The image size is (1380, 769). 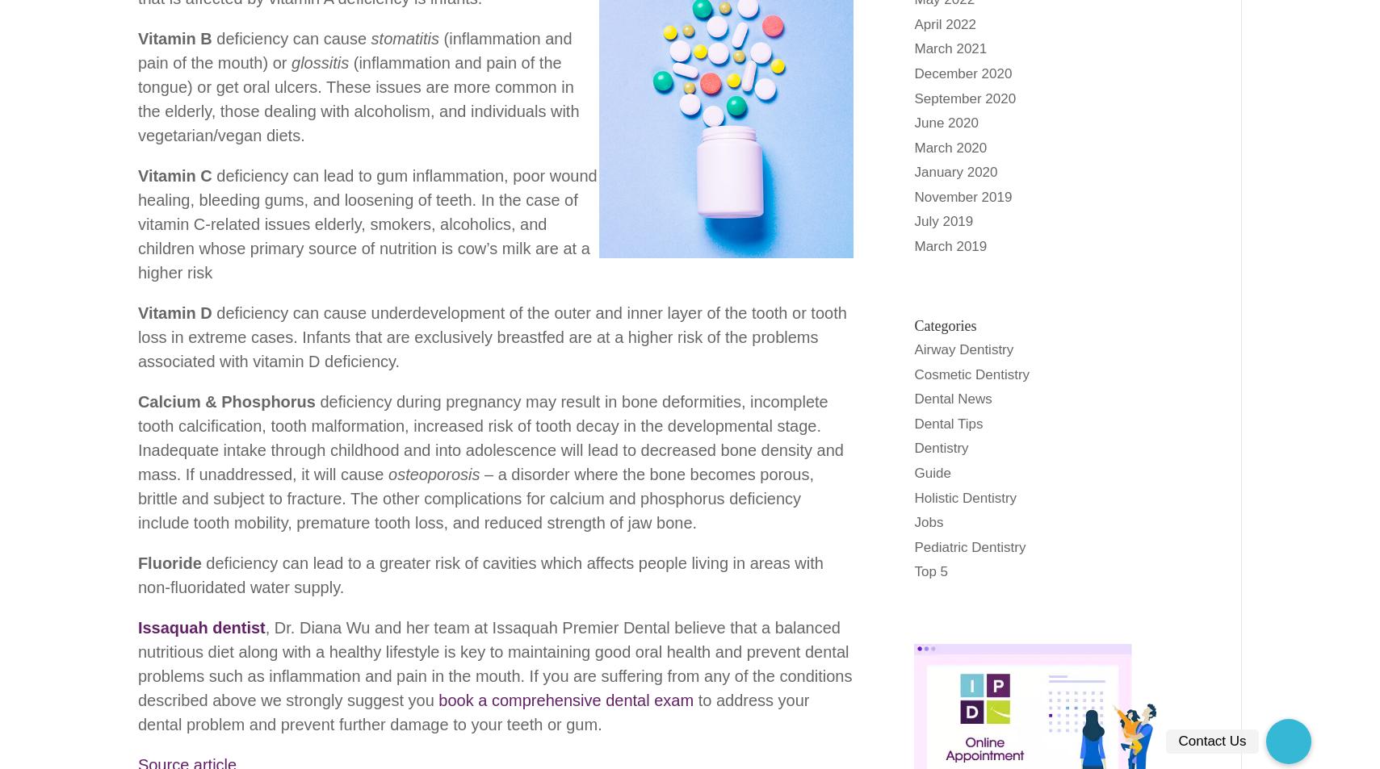 What do you see at coordinates (357, 97) in the screenshot?
I see `'(inflammation and pain of the tongue) or get oral ulcers. These issues are more common in the elderly, those dealing with alcoholism, and individuals with vegetarian/vegan diets.'` at bounding box center [357, 97].